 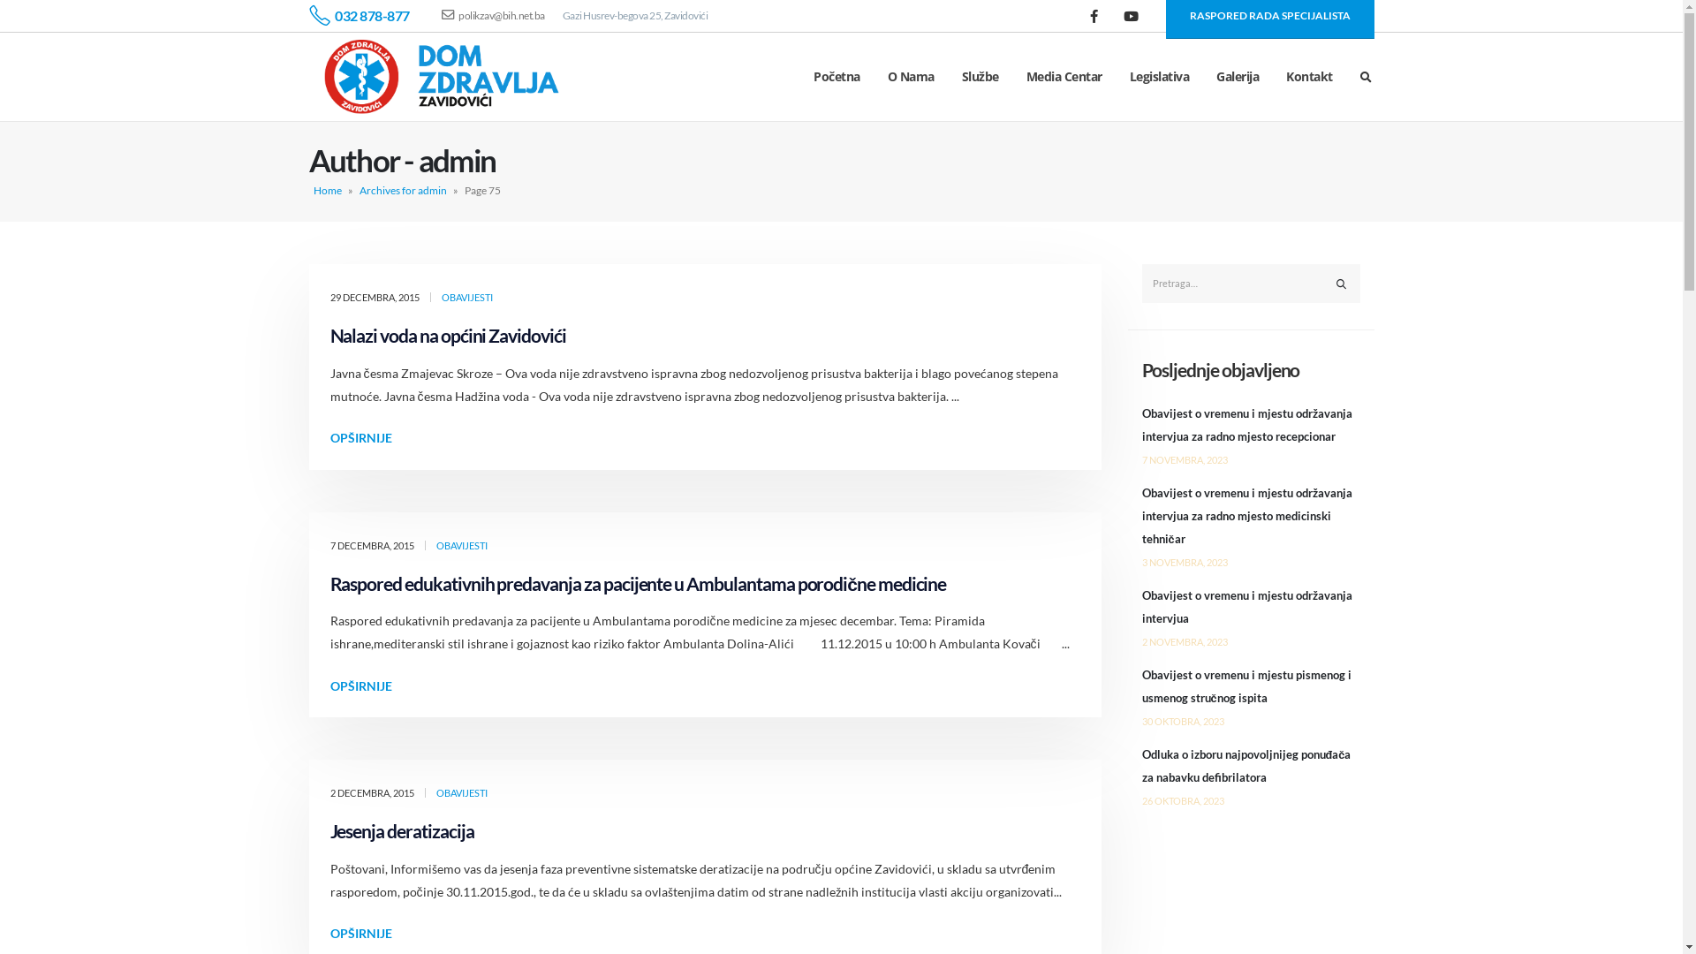 I want to click on 'Youtube', so click(x=1131, y=16).